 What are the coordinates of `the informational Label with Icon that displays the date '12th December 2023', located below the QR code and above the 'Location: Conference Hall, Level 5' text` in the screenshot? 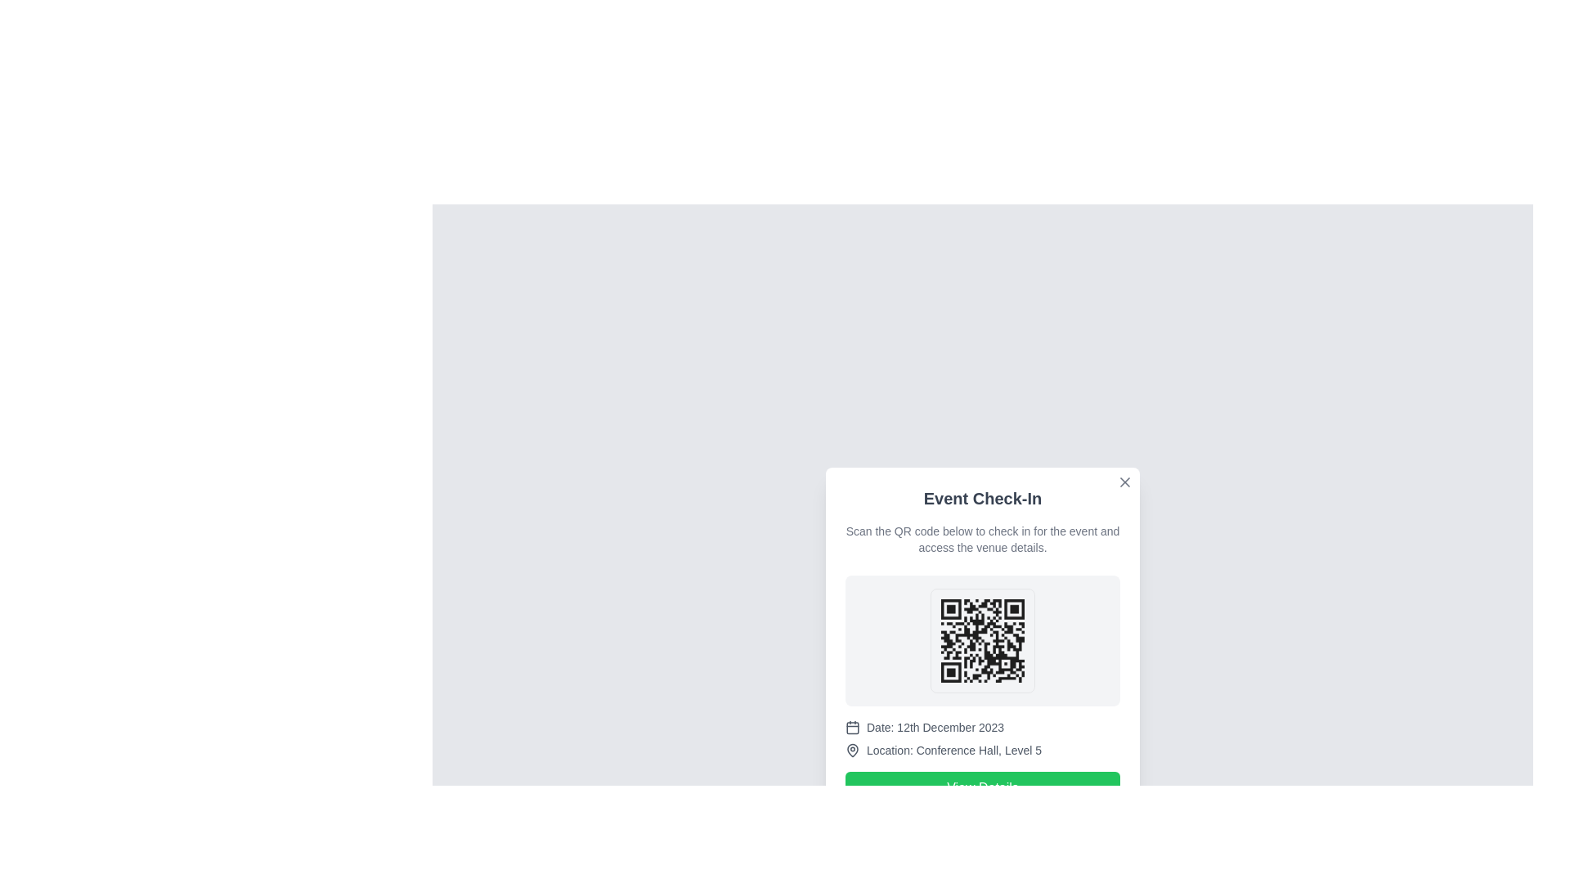 It's located at (981, 727).